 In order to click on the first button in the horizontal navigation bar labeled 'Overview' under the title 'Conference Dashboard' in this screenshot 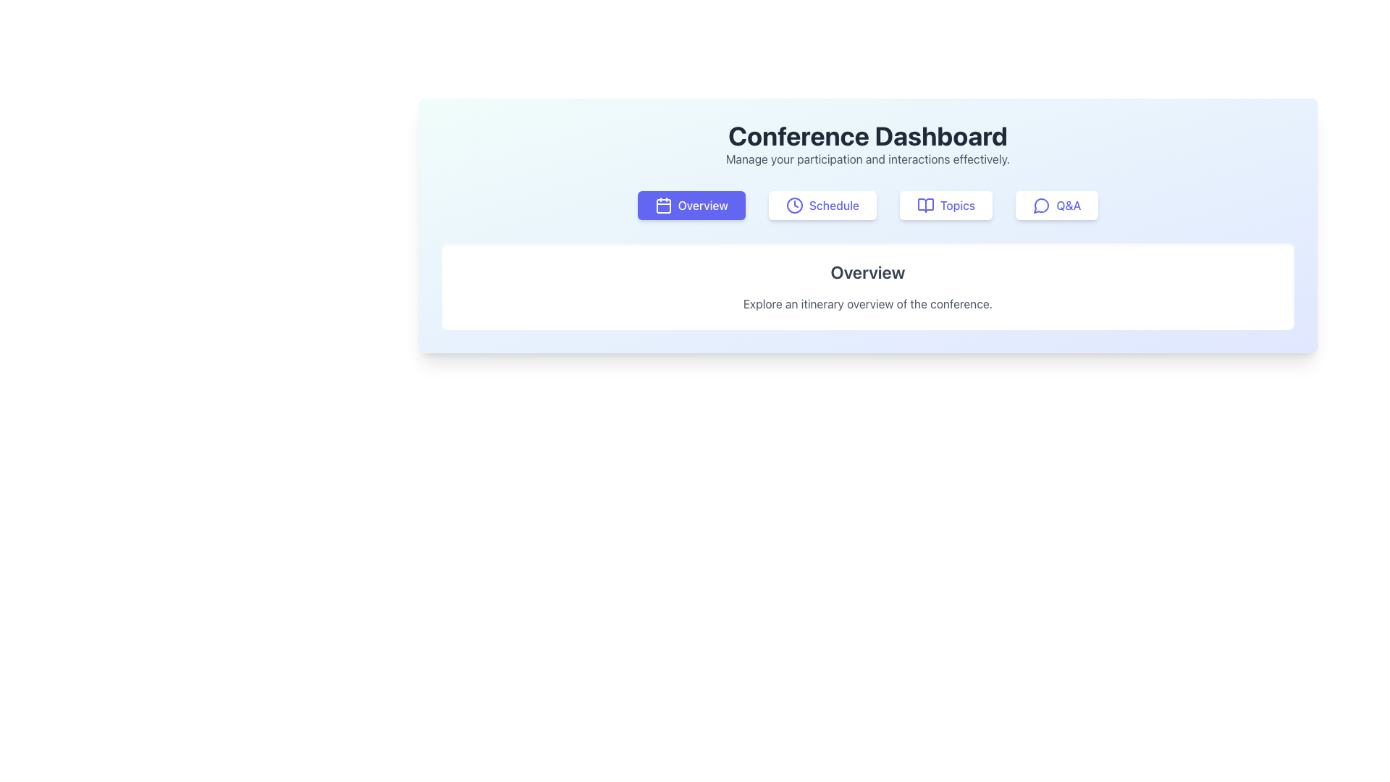, I will do `click(691, 206)`.